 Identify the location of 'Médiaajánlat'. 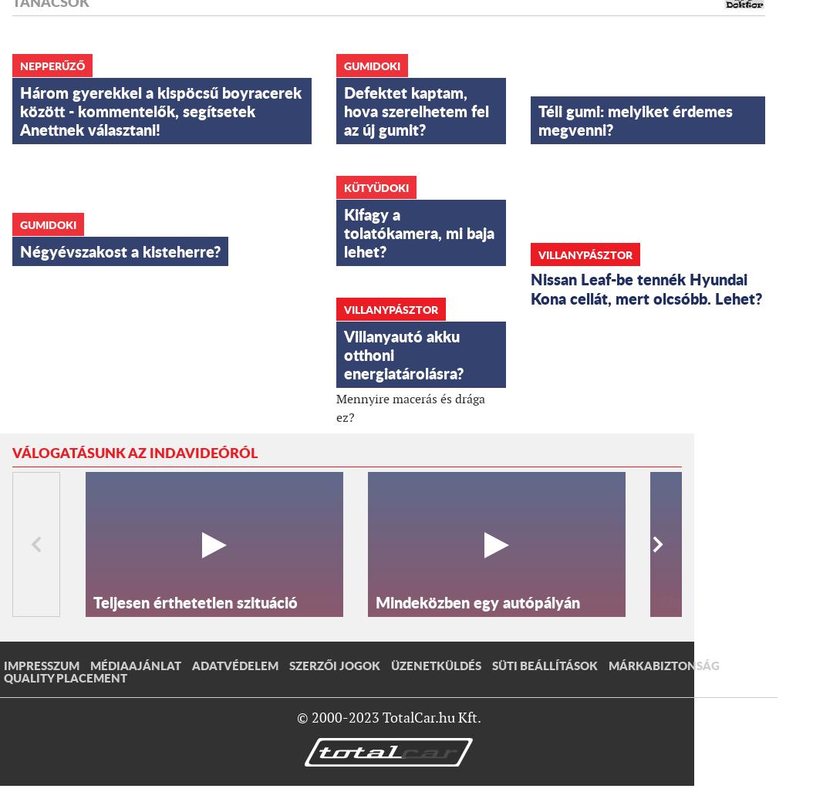
(89, 663).